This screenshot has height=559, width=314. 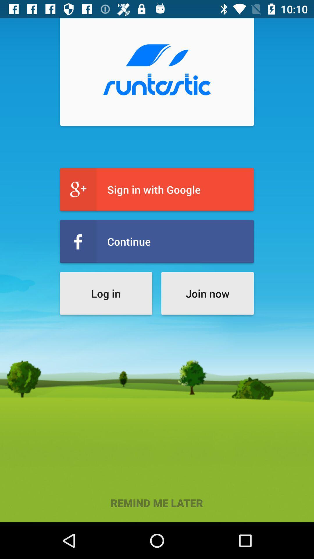 I want to click on the join now, so click(x=207, y=293).